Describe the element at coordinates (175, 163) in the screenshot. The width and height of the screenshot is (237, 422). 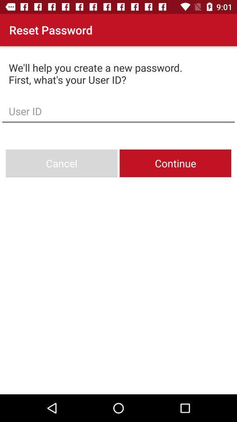
I see `the continue` at that location.